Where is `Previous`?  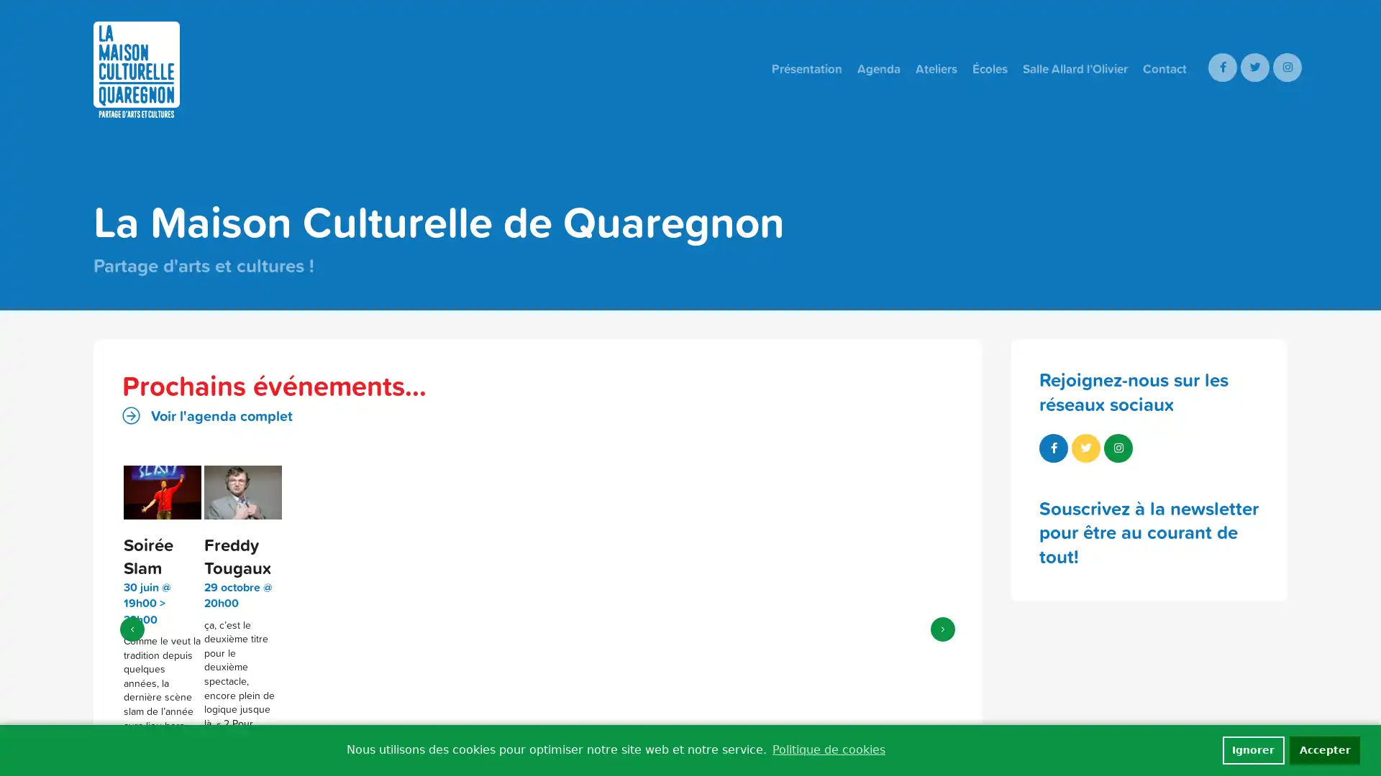 Previous is located at coordinates (132, 620).